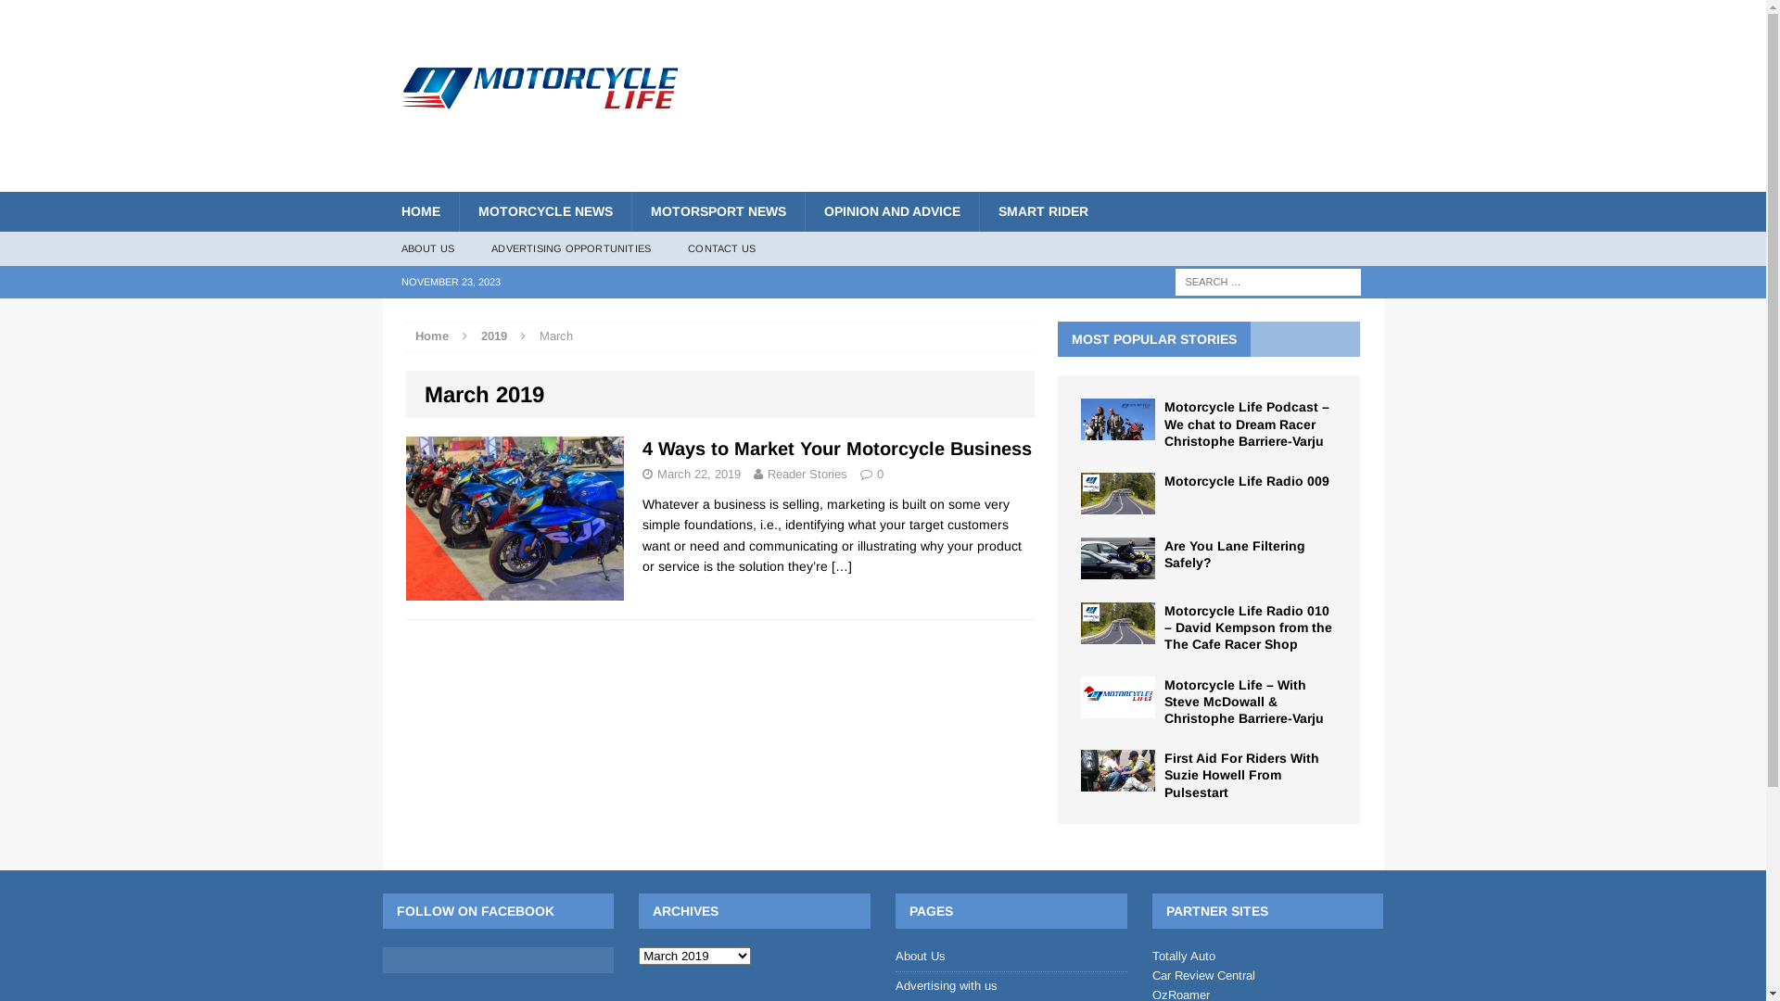  I want to click on 'Are You Lane Filtering Safely?', so click(1234, 552).